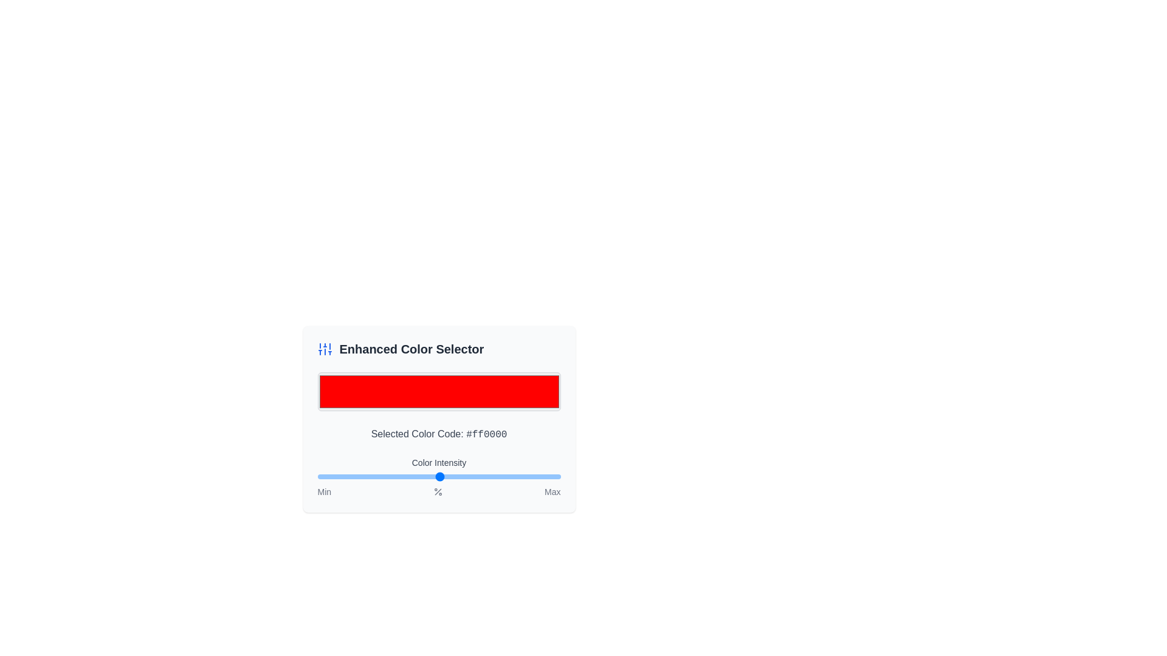 The image size is (1167, 656). What do you see at coordinates (411, 349) in the screenshot?
I see `text header indicating enhanced color selection functionality, which is centrally located at the top of a card-like UI component` at bounding box center [411, 349].